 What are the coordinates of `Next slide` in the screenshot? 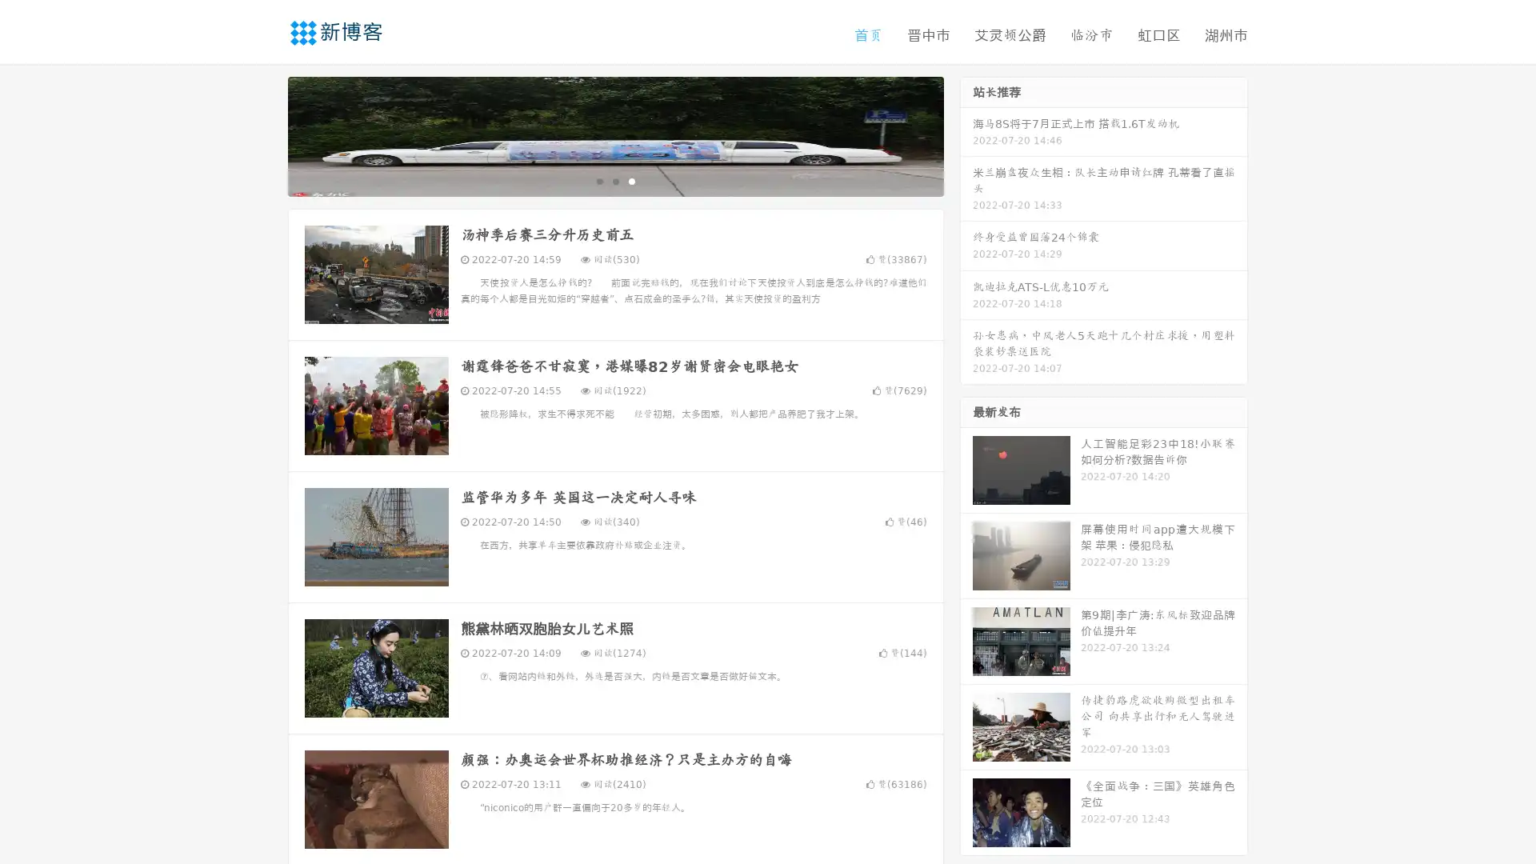 It's located at (966, 134).